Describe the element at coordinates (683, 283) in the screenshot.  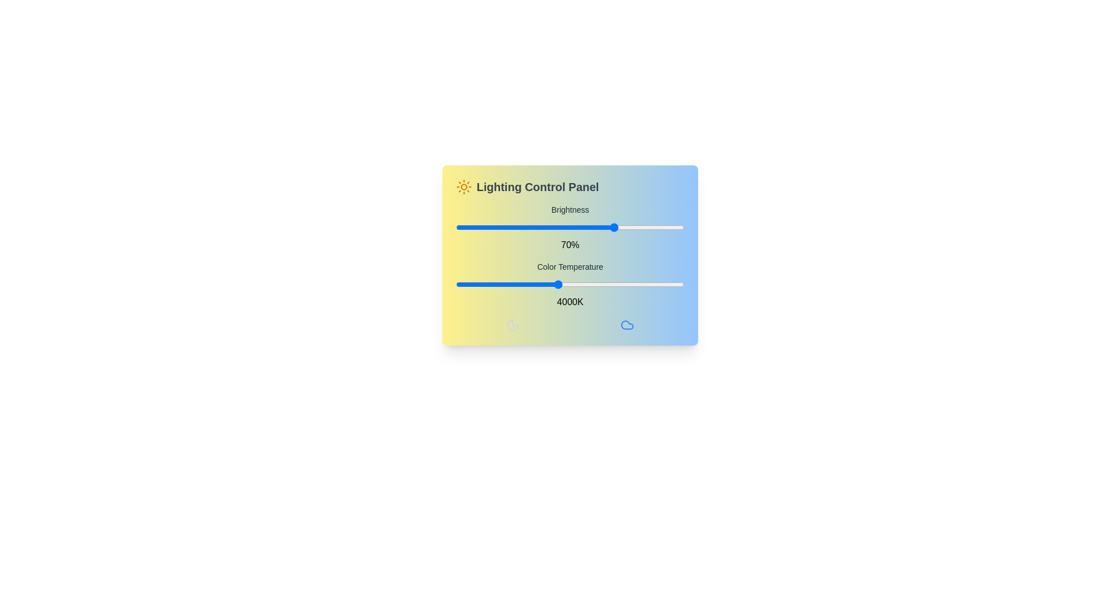
I see `the color temperature slider to 6473 K` at that location.